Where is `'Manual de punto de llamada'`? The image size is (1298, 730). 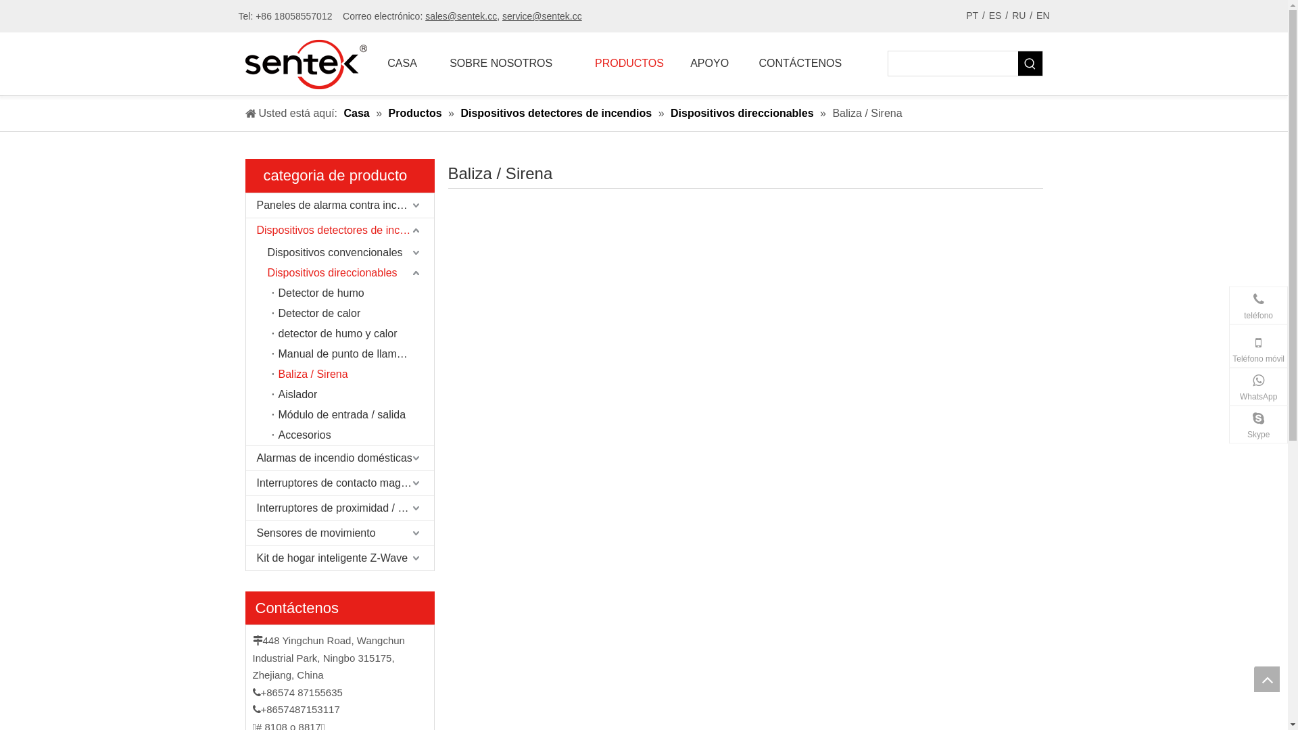 'Manual de punto de llamada' is located at coordinates (353, 354).